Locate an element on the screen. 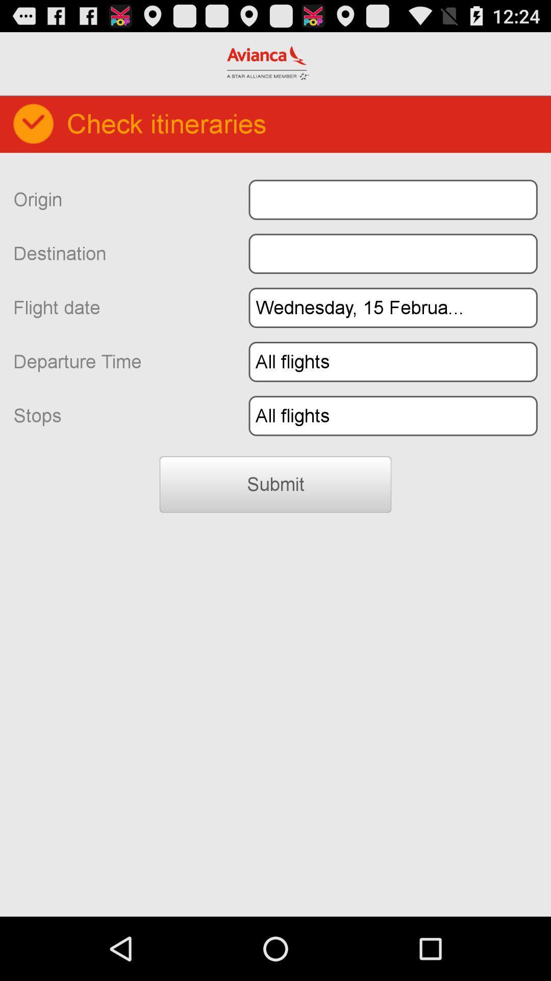  origin text box is located at coordinates (392, 200).